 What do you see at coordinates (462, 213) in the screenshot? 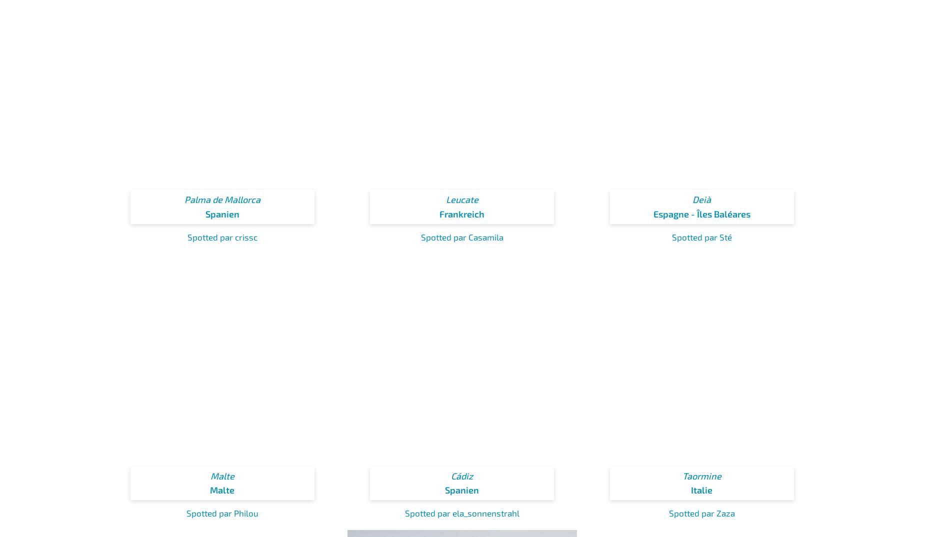
I see `'Frankreich'` at bounding box center [462, 213].